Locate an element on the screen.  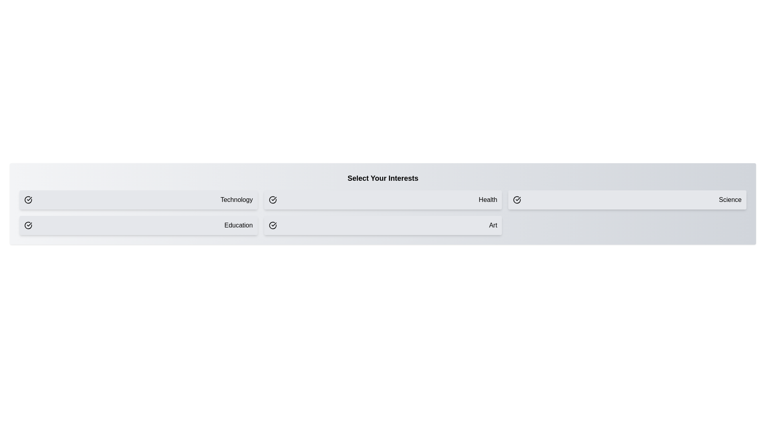
the button corresponding to the interest Science to toggle its selection is located at coordinates (626, 200).